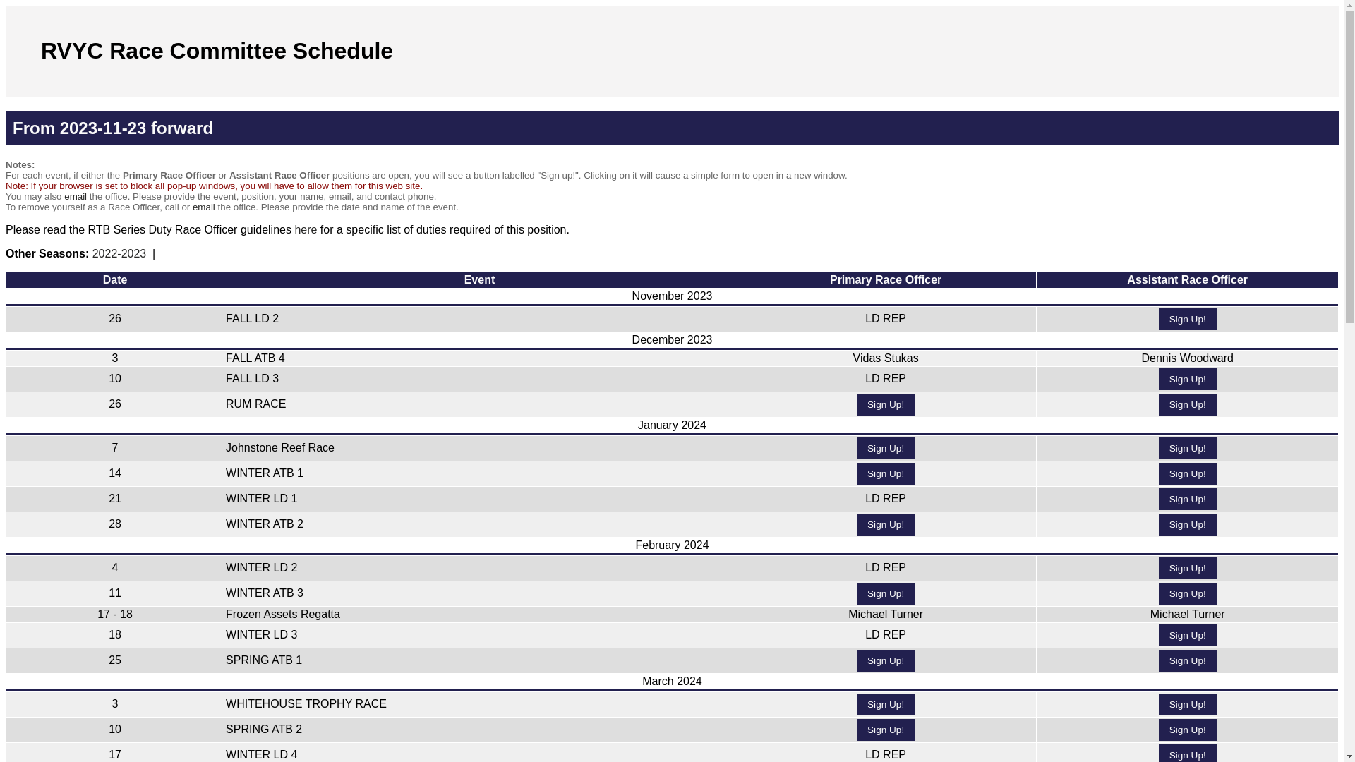 The width and height of the screenshot is (1355, 762). I want to click on 'email', so click(74, 196).